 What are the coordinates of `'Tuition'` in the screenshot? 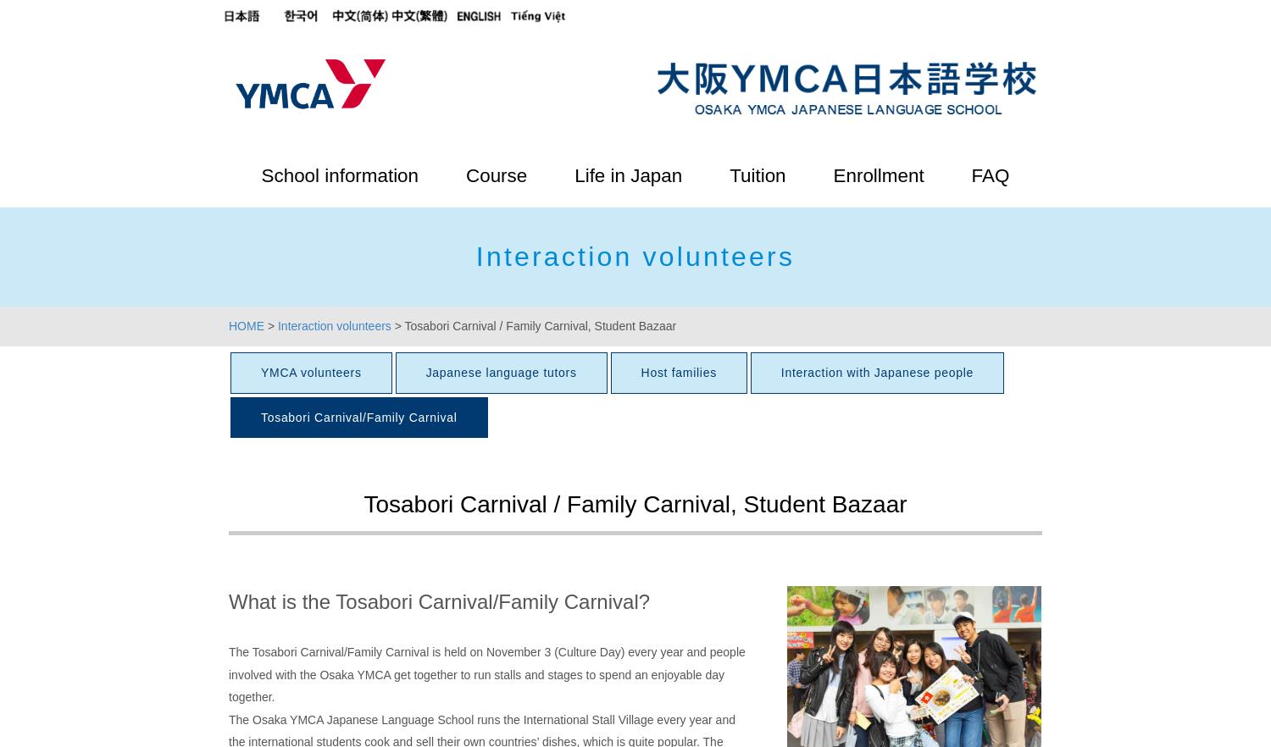 It's located at (758, 175).